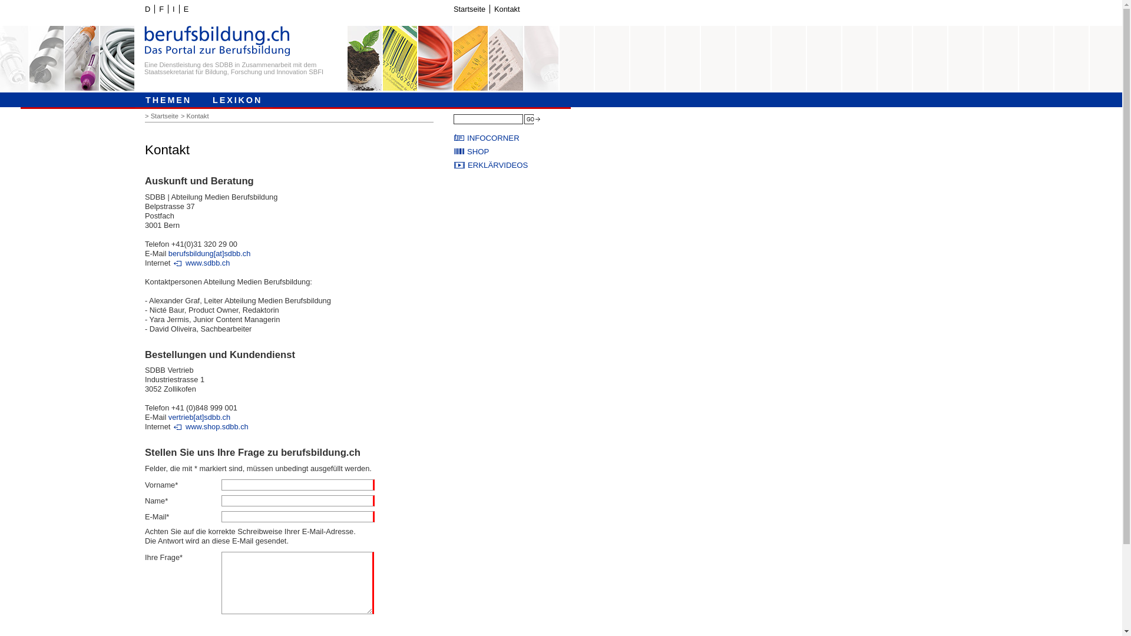  Describe the element at coordinates (512, 151) in the screenshot. I see `'SHOP'` at that location.